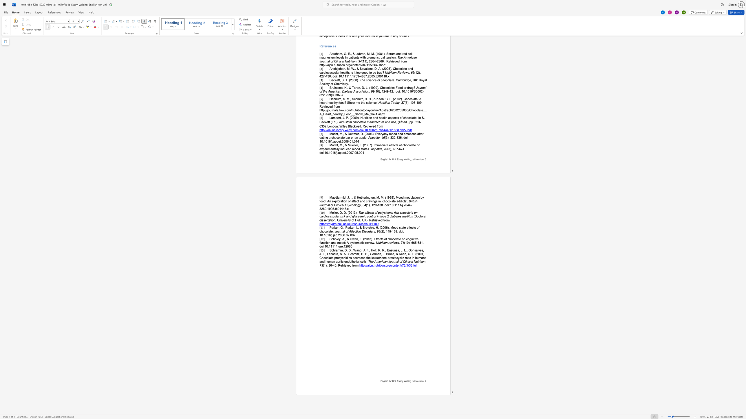 Image resolution: width=746 pixels, height=419 pixels. Describe the element at coordinates (332, 265) in the screenshot. I see `the 1th character "-" in the text` at that location.